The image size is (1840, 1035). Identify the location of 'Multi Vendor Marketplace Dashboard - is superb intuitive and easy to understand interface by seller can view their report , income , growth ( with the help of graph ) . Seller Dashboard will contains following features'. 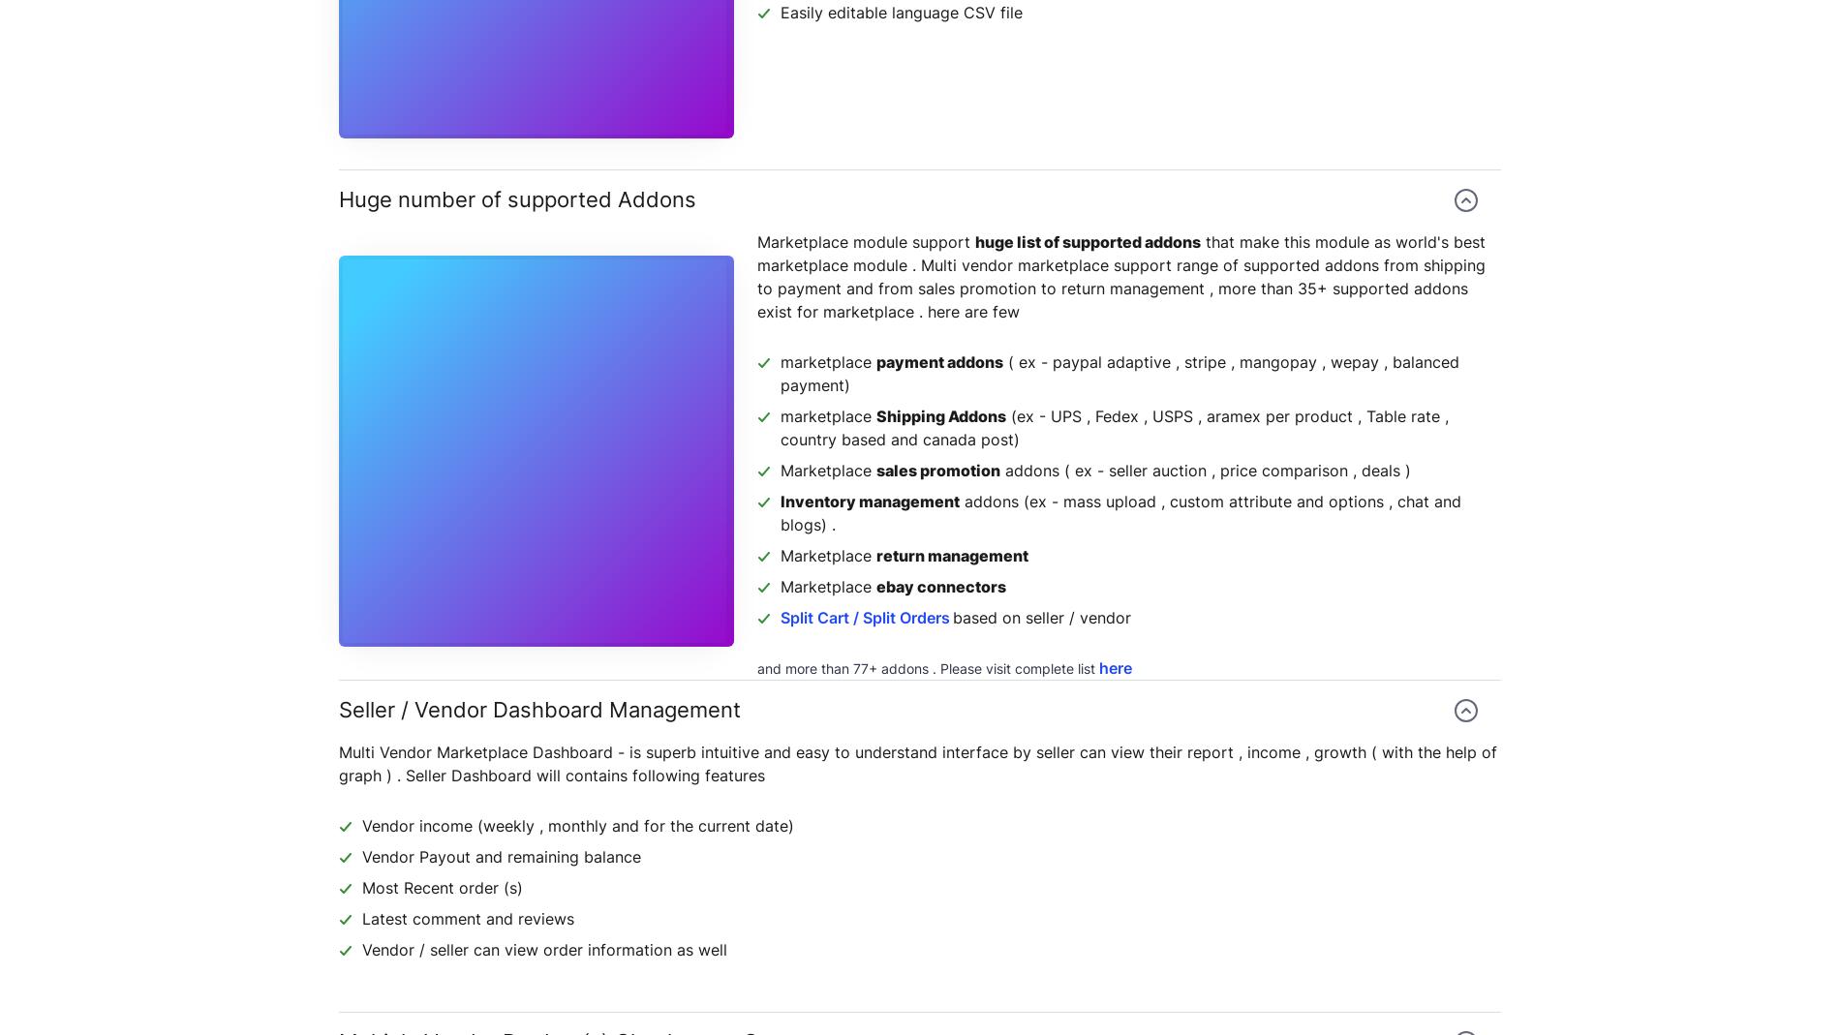
(916, 764).